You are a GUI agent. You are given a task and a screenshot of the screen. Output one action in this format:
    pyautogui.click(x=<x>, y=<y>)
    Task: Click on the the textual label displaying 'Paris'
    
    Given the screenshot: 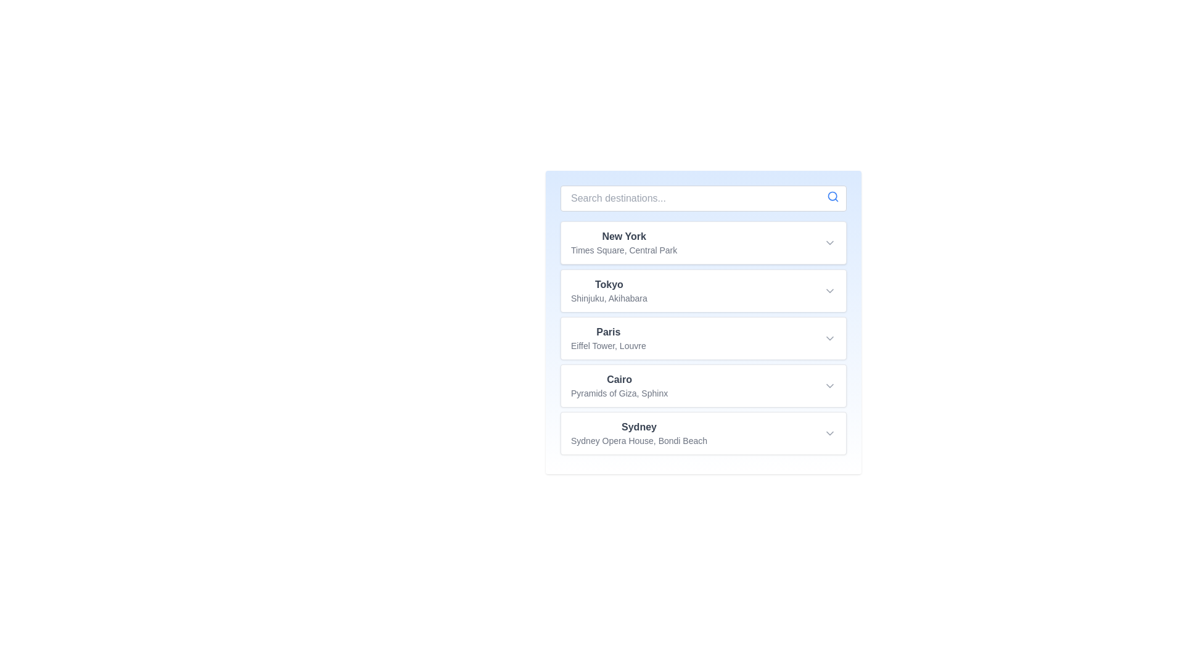 What is the action you would take?
    pyautogui.click(x=608, y=338)
    